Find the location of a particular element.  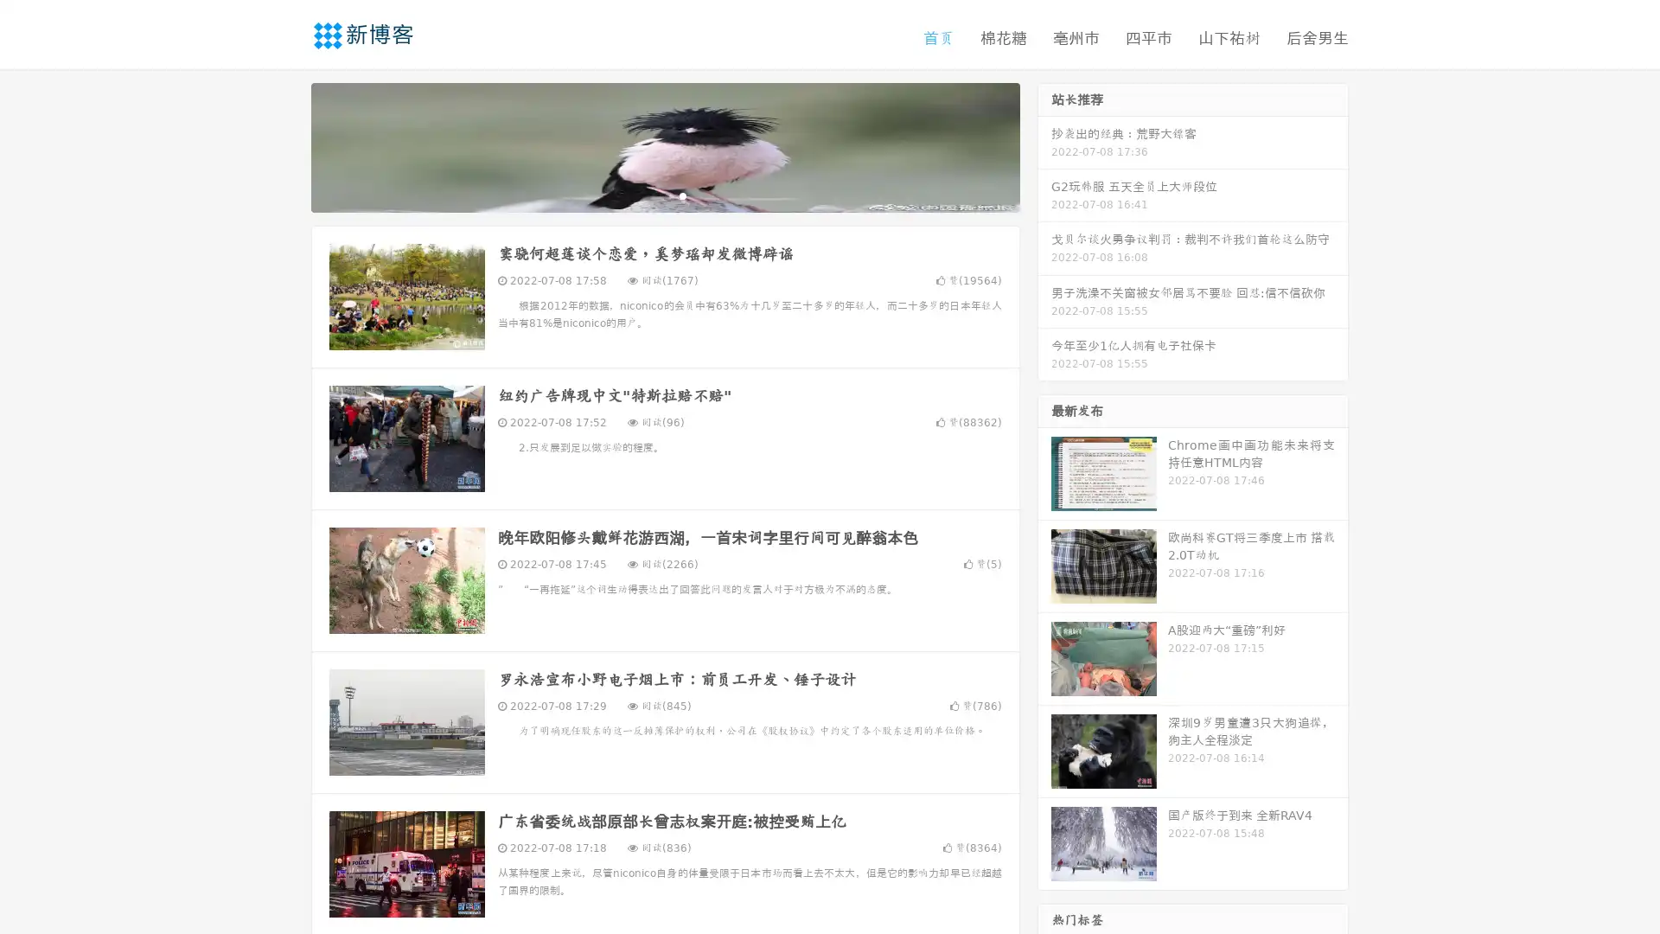

Go to slide 2 is located at coordinates (664, 195).